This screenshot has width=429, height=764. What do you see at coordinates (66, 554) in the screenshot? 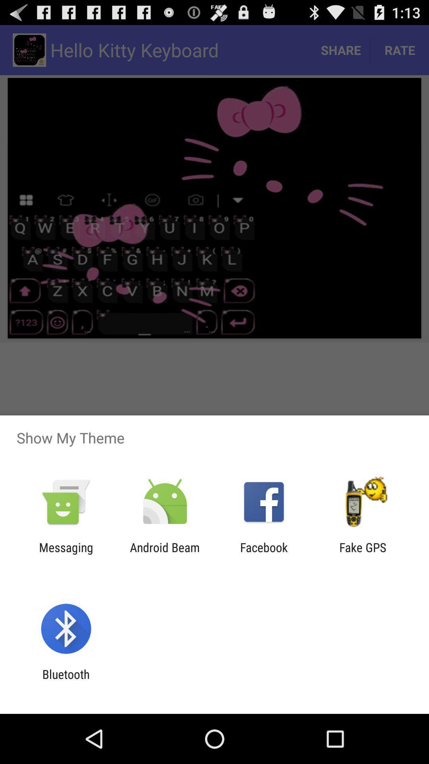
I see `the messaging app` at bounding box center [66, 554].